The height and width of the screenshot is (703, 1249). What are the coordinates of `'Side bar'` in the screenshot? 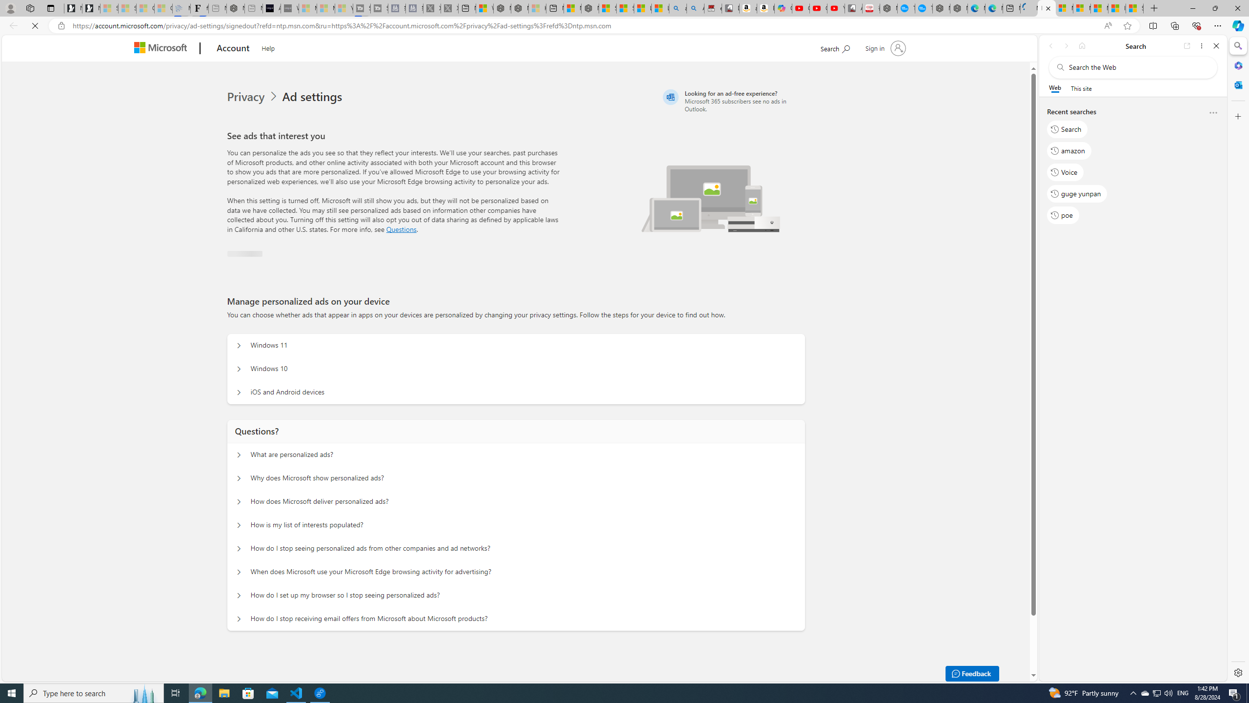 It's located at (1238, 359).